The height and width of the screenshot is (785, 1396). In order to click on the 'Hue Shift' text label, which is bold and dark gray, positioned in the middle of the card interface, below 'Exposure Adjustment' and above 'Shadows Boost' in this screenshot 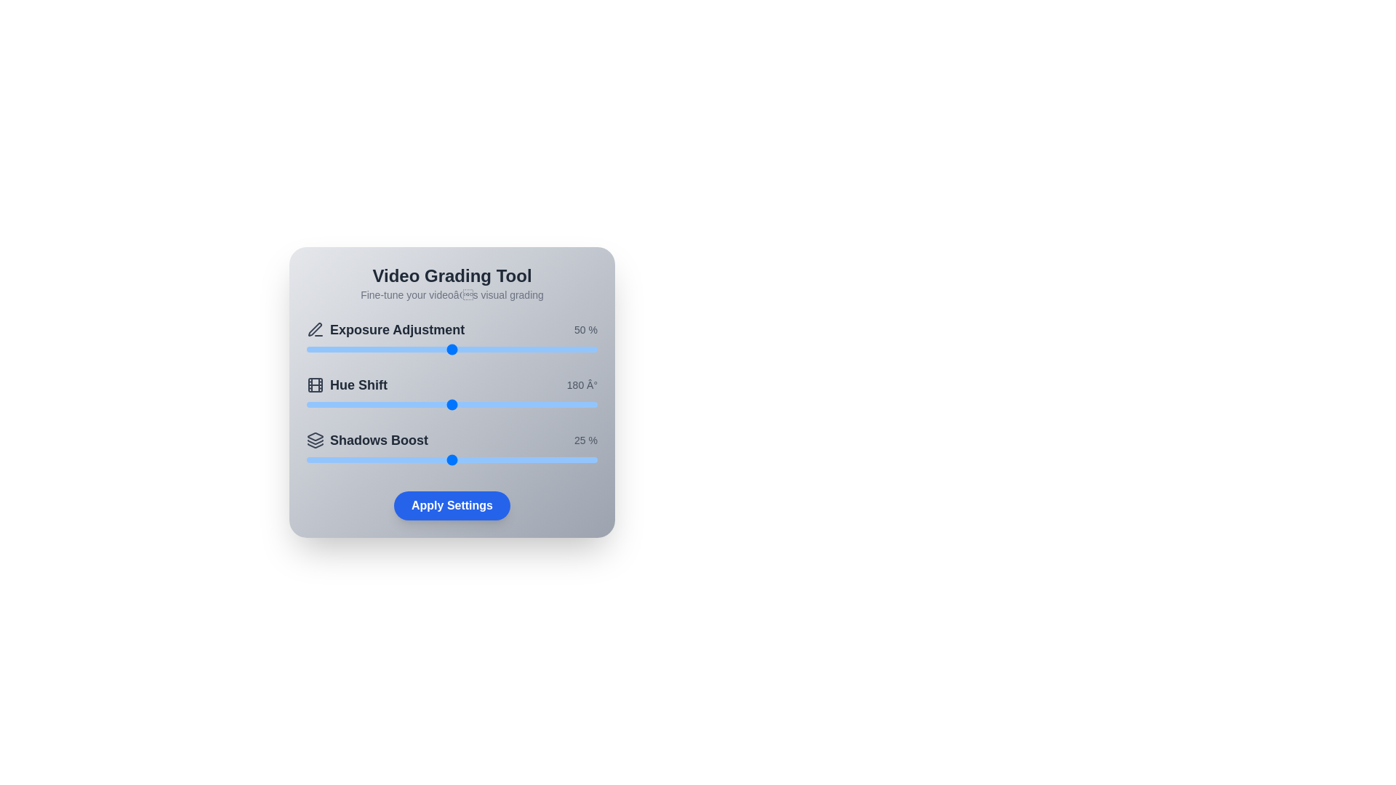, I will do `click(358, 384)`.